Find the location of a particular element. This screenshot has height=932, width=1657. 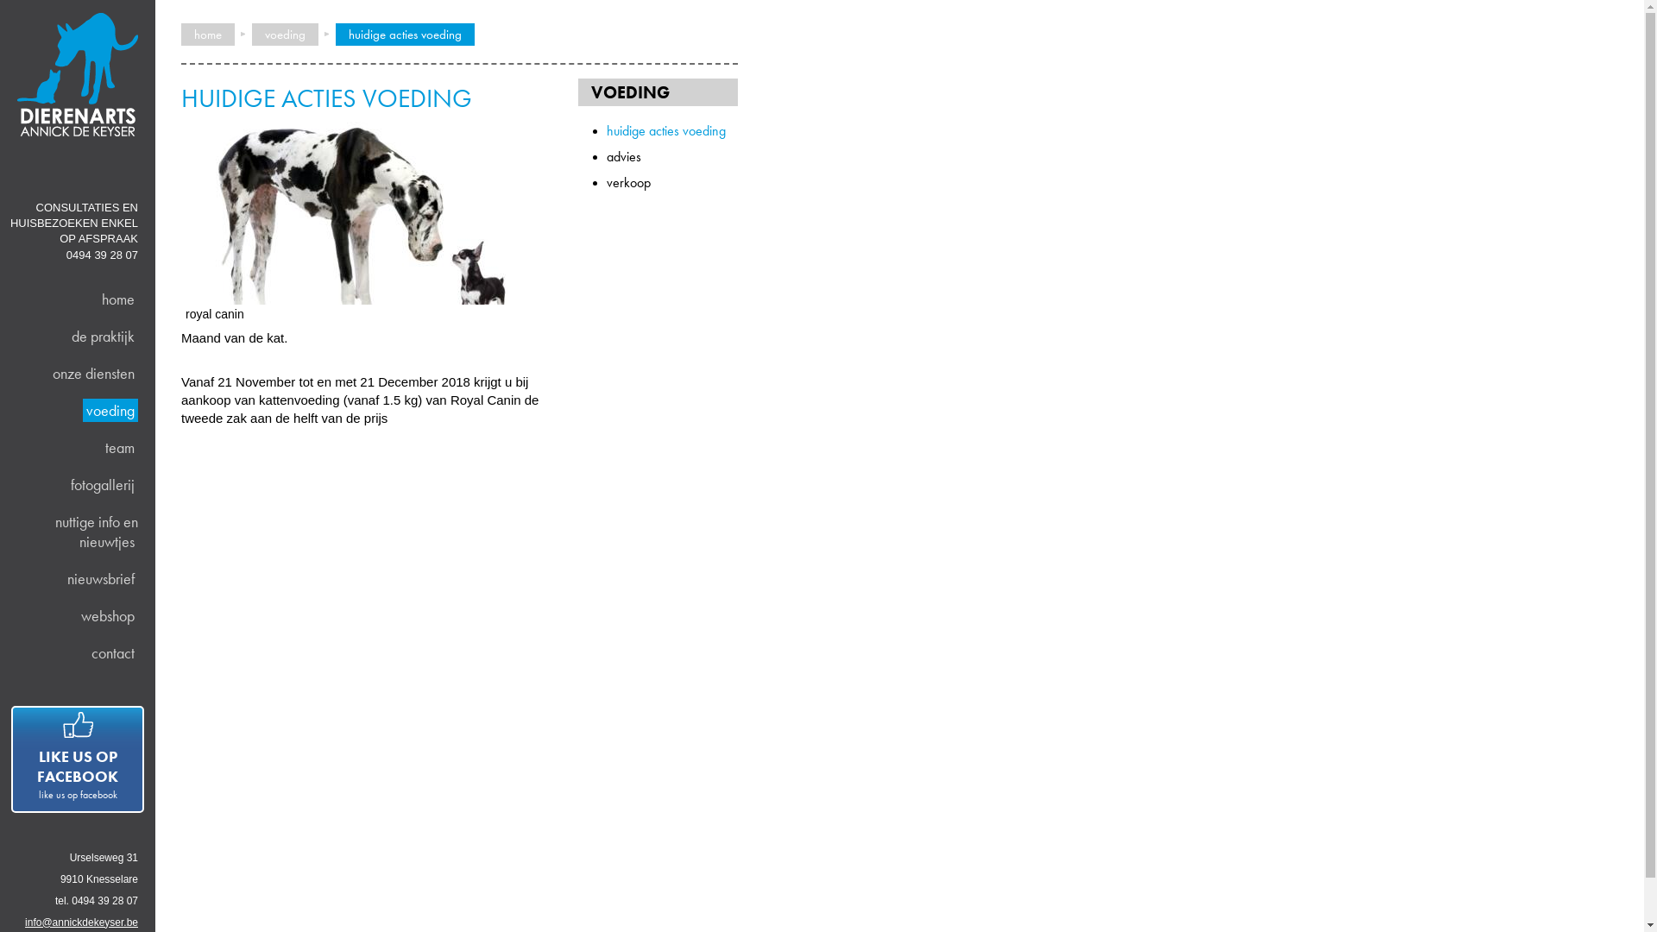

'team' is located at coordinates (119, 446).